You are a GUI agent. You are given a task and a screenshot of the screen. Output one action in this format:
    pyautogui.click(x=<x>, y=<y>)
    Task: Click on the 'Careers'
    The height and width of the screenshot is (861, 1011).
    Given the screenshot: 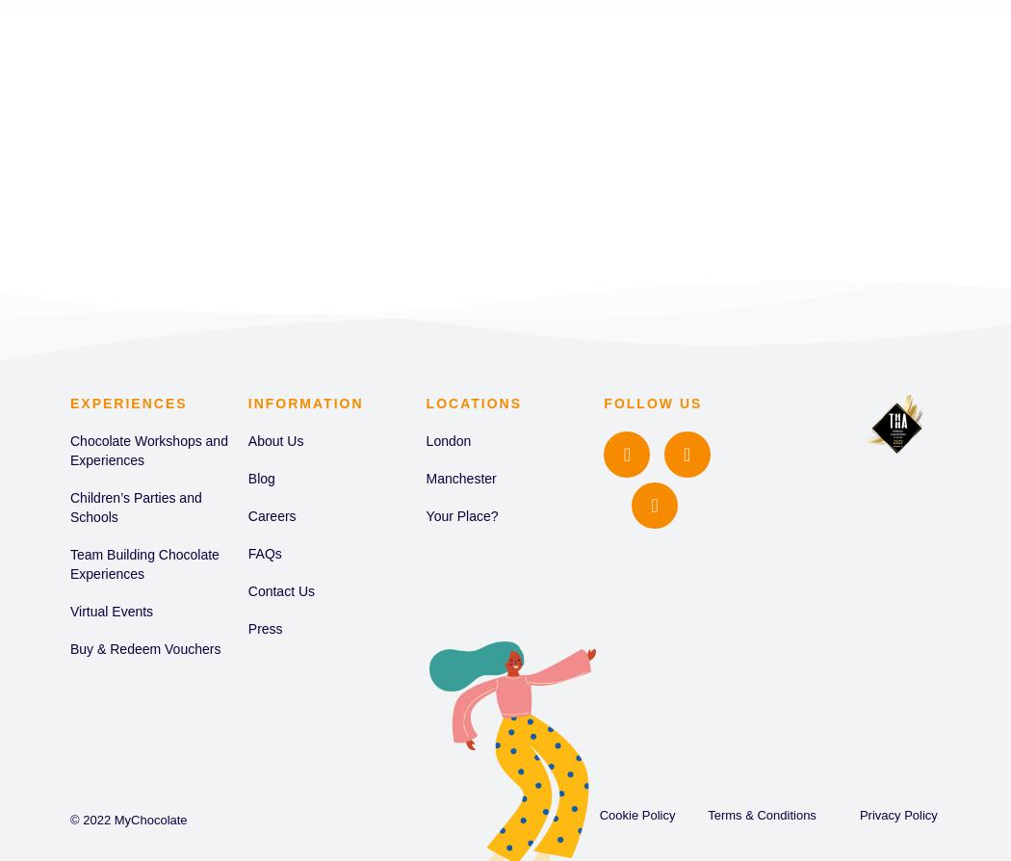 What is the action you would take?
    pyautogui.click(x=271, y=516)
    